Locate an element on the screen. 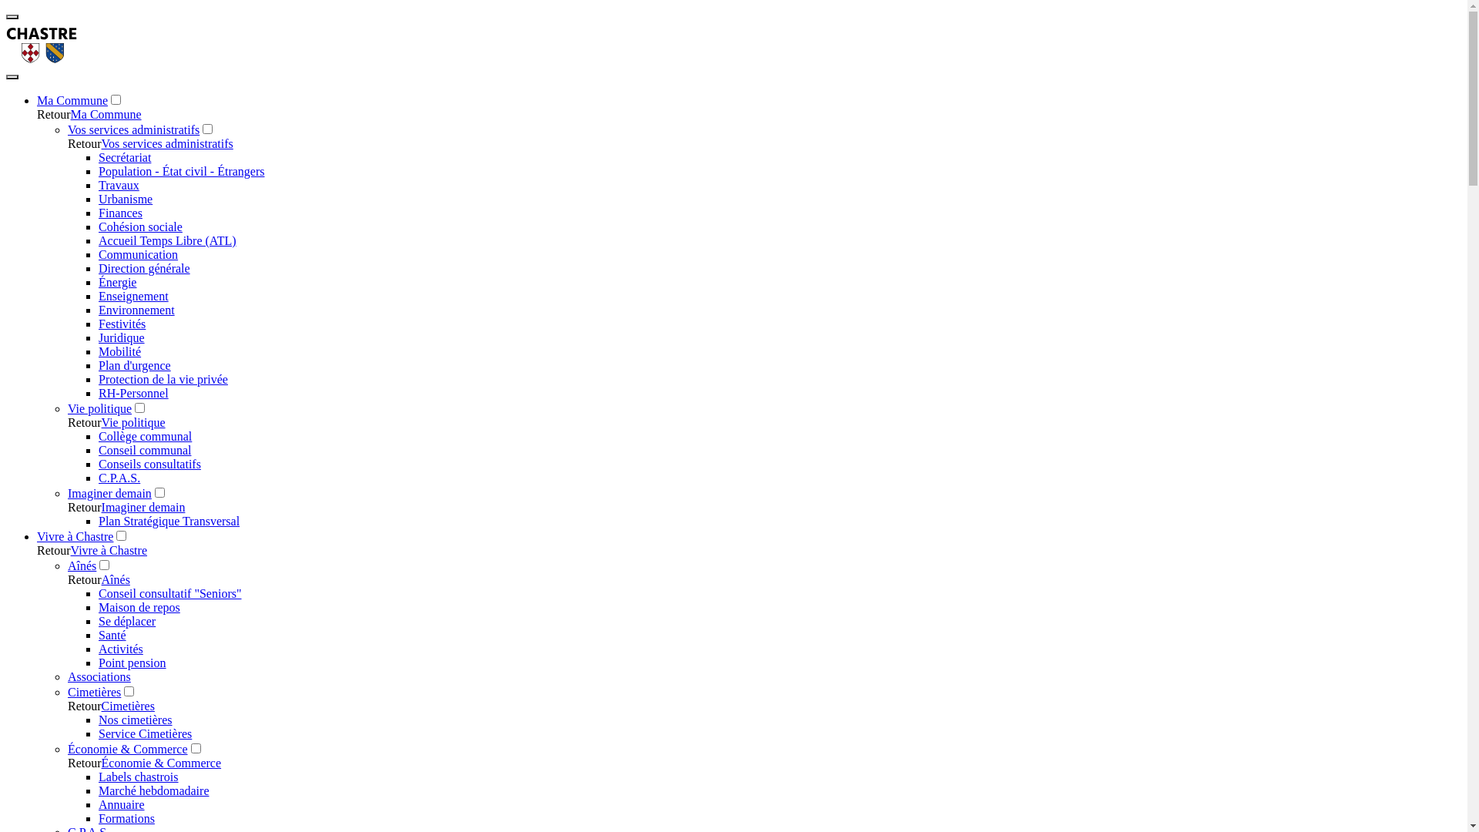  'Enseignement' is located at coordinates (133, 296).